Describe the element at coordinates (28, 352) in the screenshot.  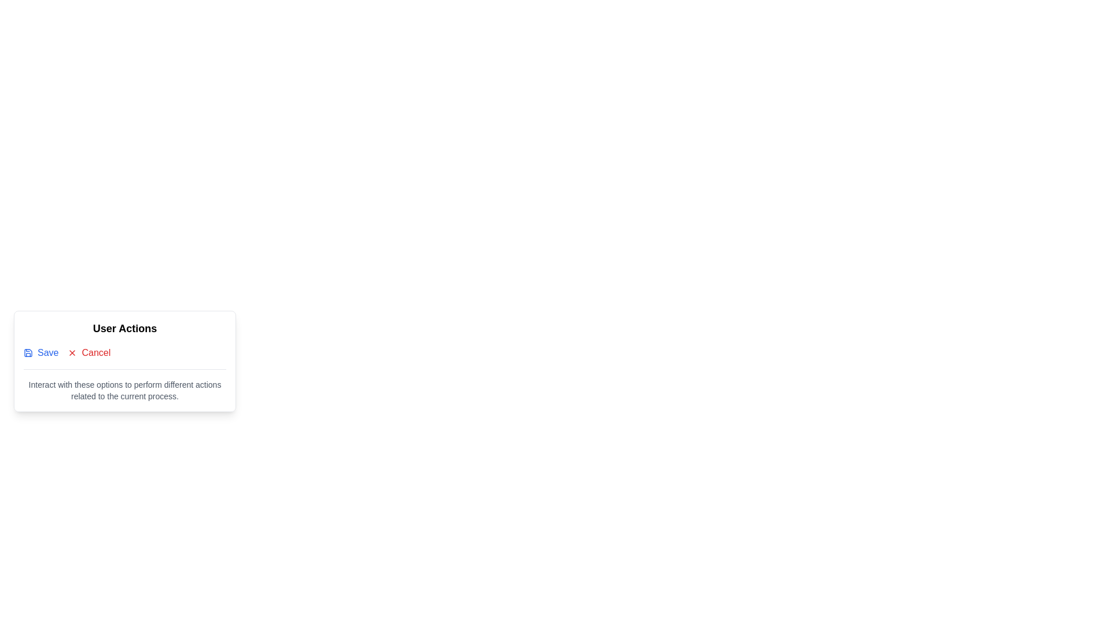
I see `the save disk icon located to the left of the 'Save' button in the 'User Actions' section` at that location.